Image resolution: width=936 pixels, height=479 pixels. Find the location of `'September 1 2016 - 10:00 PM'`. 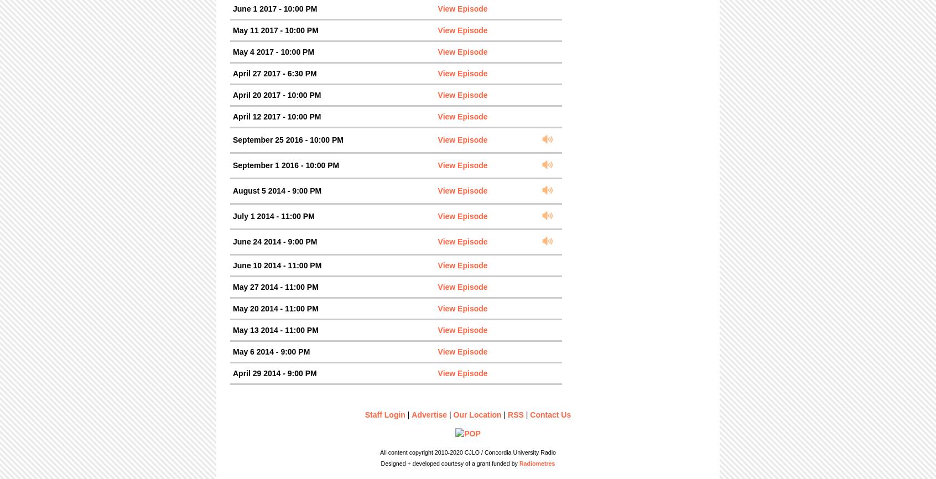

'September 1 2016 - 10:00 PM' is located at coordinates (286, 165).